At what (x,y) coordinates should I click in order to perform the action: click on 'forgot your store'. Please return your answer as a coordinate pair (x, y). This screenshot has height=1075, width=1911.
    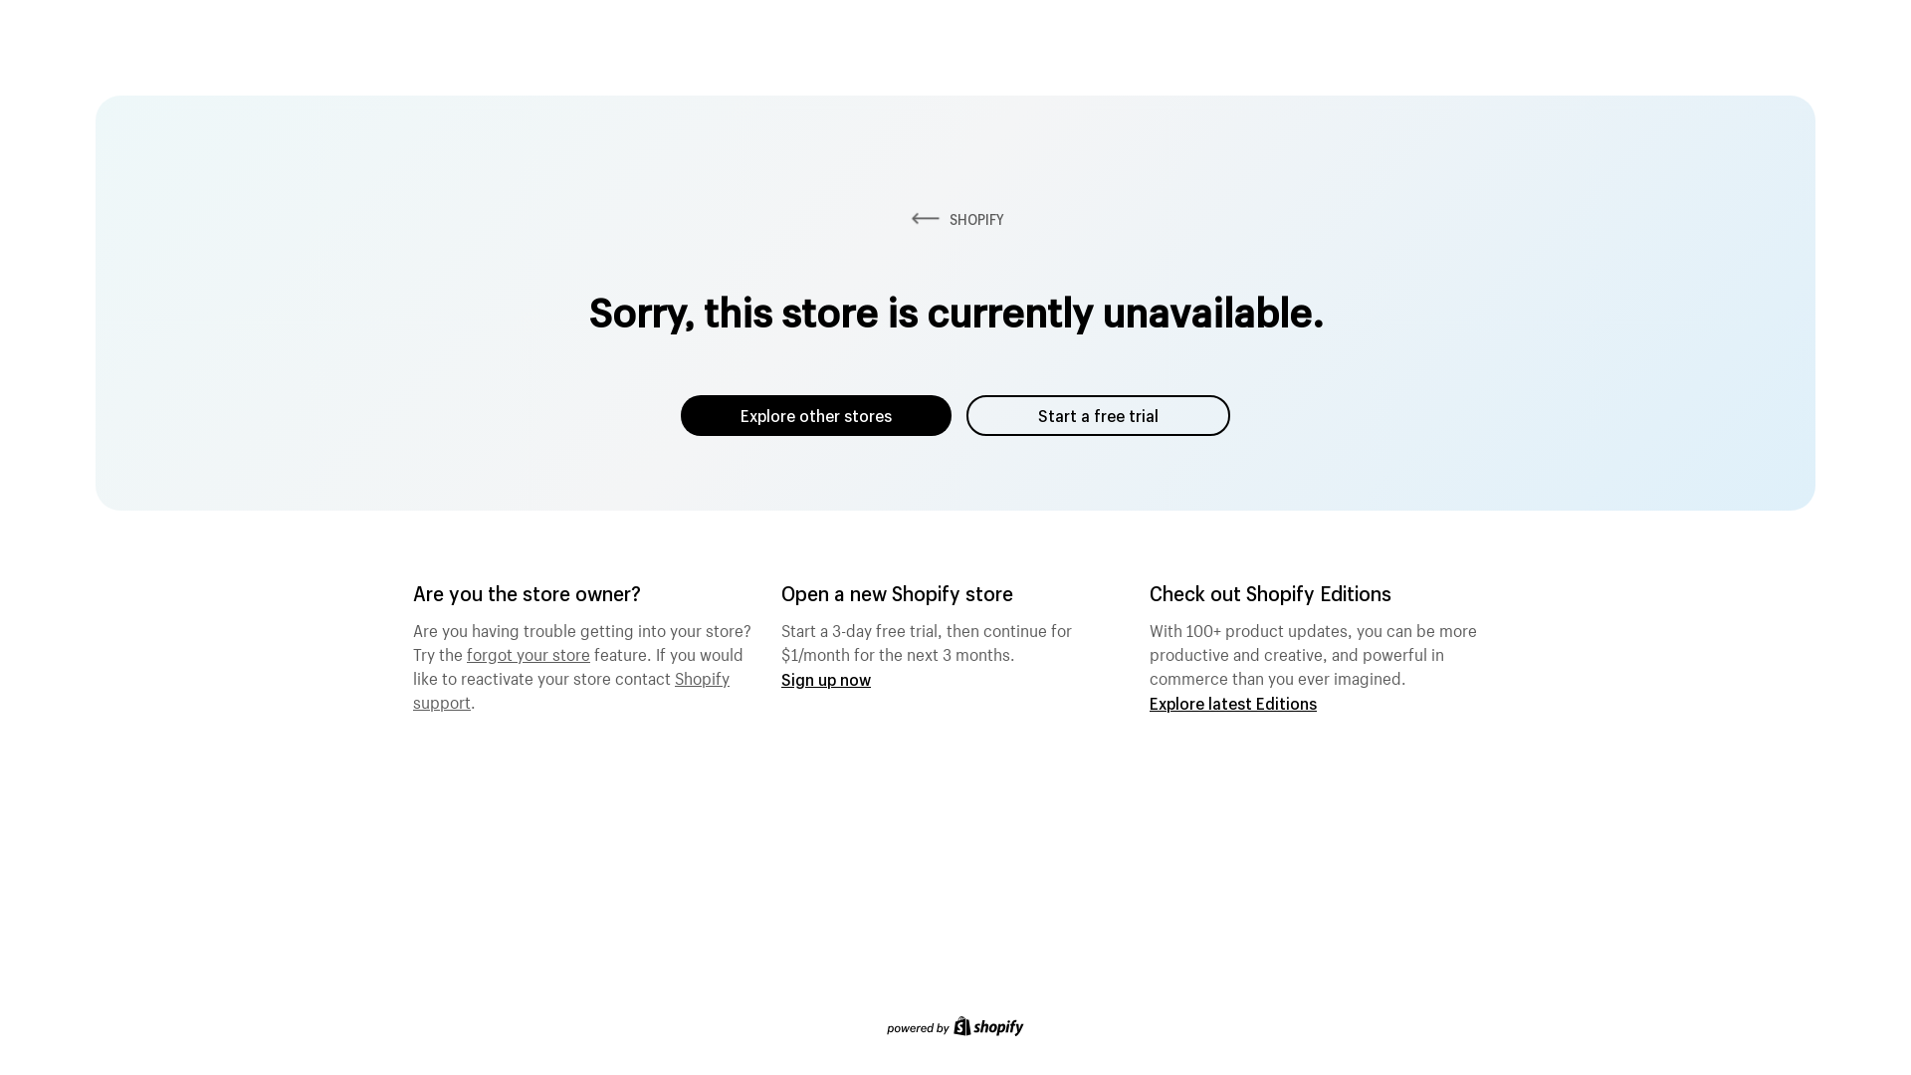
    Looking at the image, I should click on (529, 652).